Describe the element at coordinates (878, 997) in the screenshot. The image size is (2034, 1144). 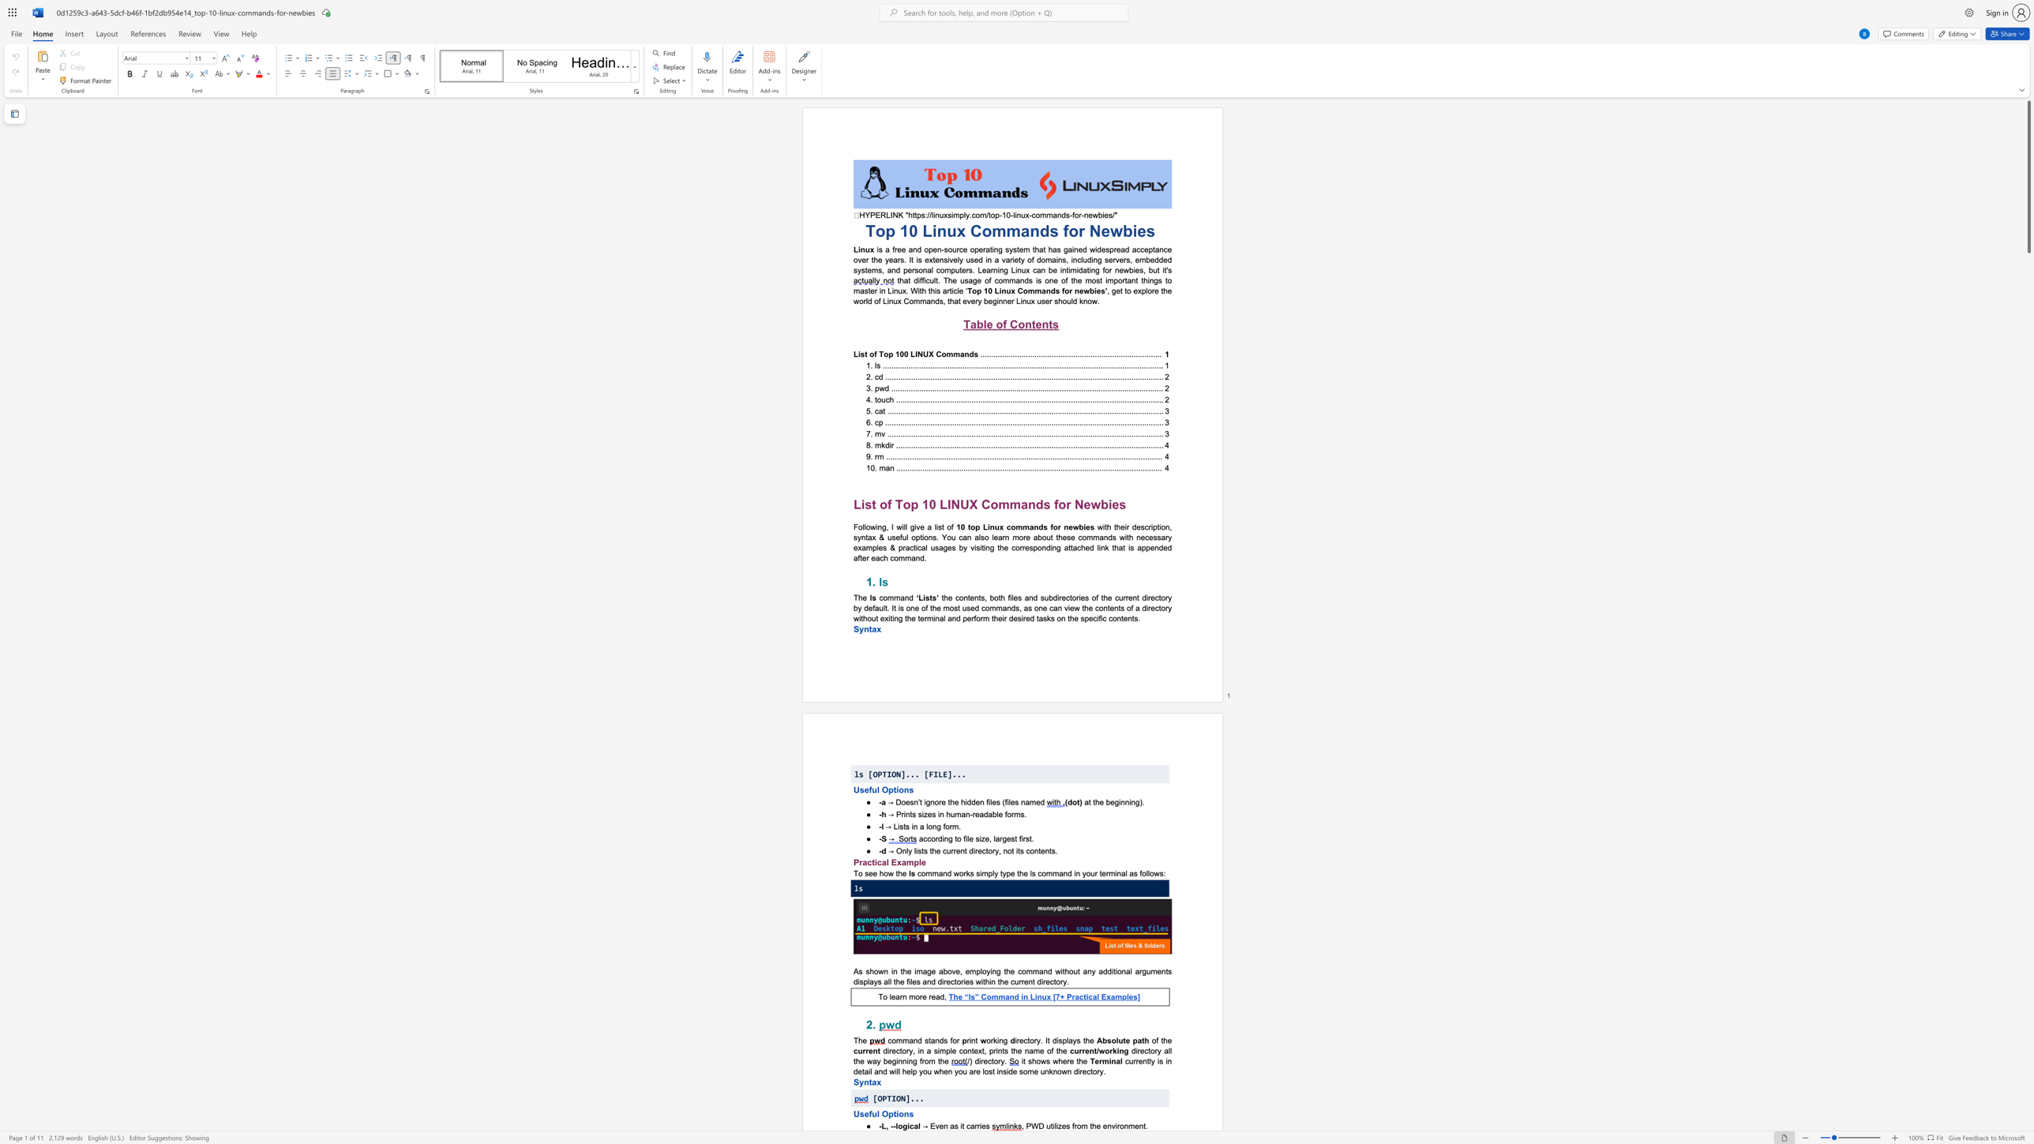
I see `the subset text "To learn more read" within the text "To learn more read,"` at that location.